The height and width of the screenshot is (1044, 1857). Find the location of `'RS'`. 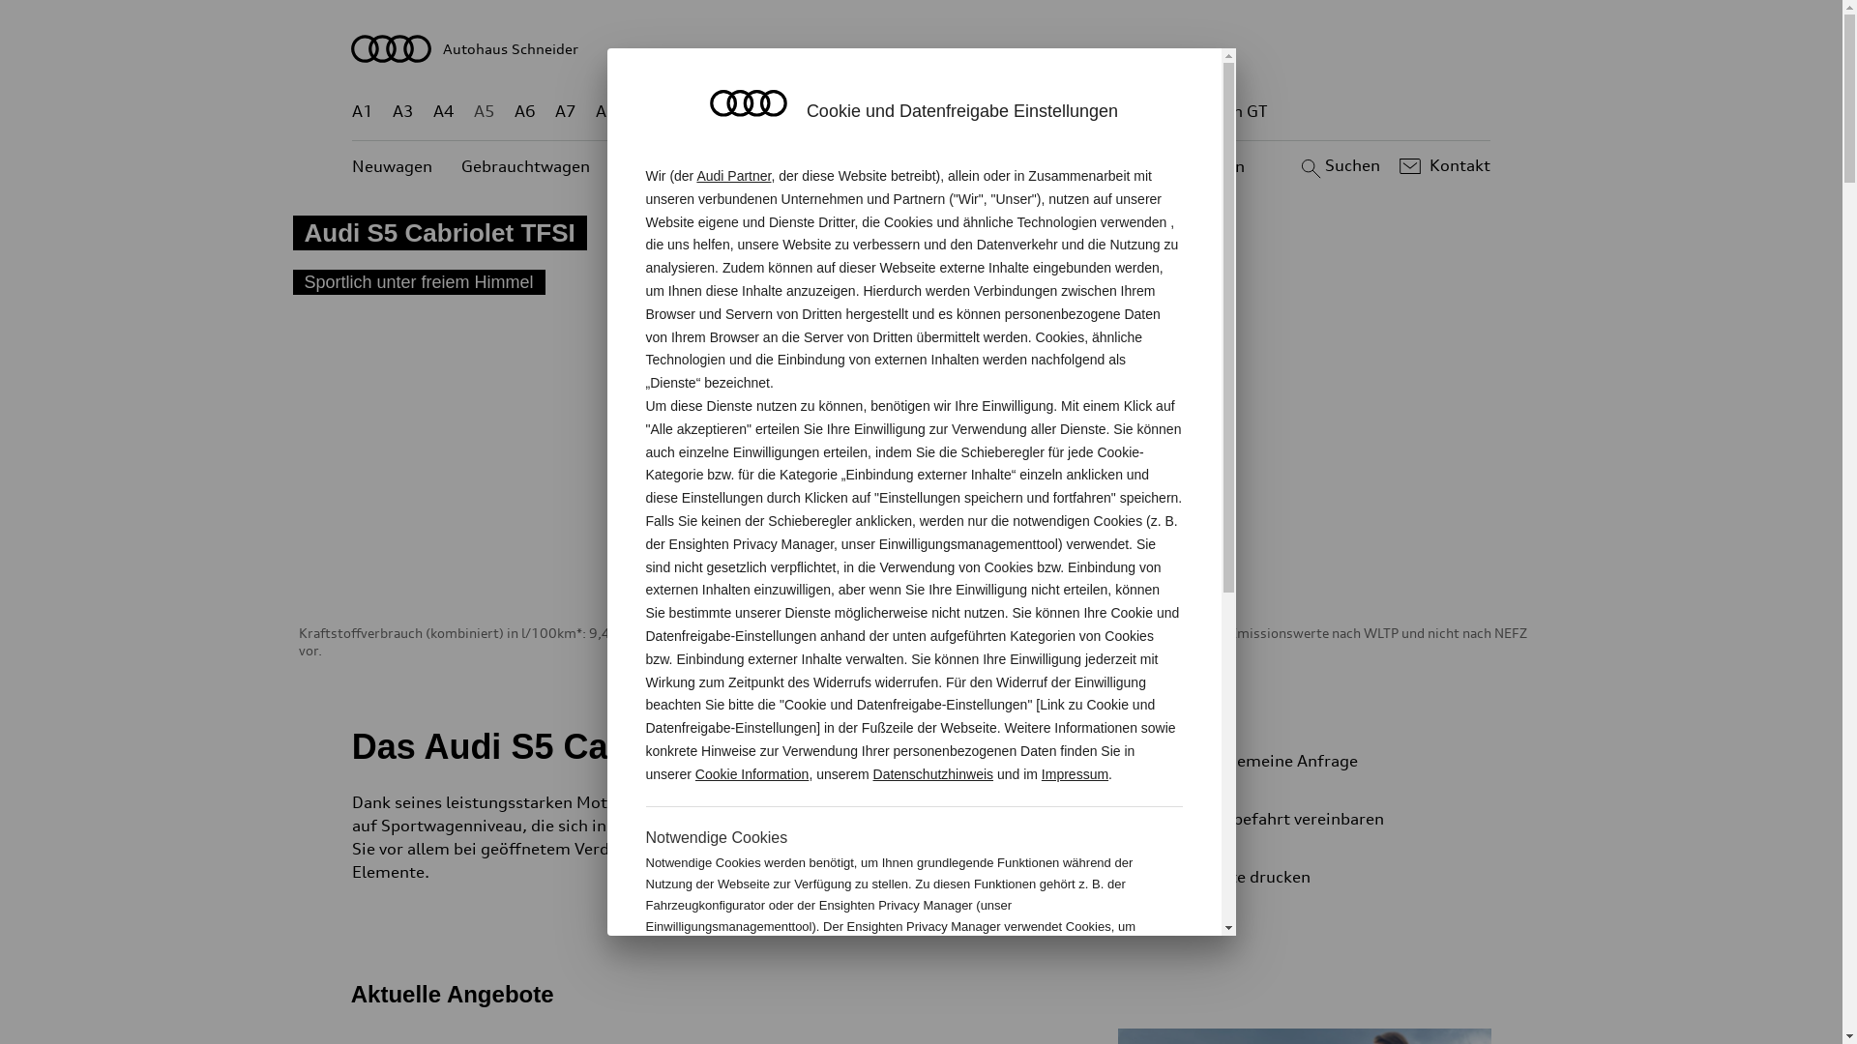

'RS' is located at coordinates (1098, 111).